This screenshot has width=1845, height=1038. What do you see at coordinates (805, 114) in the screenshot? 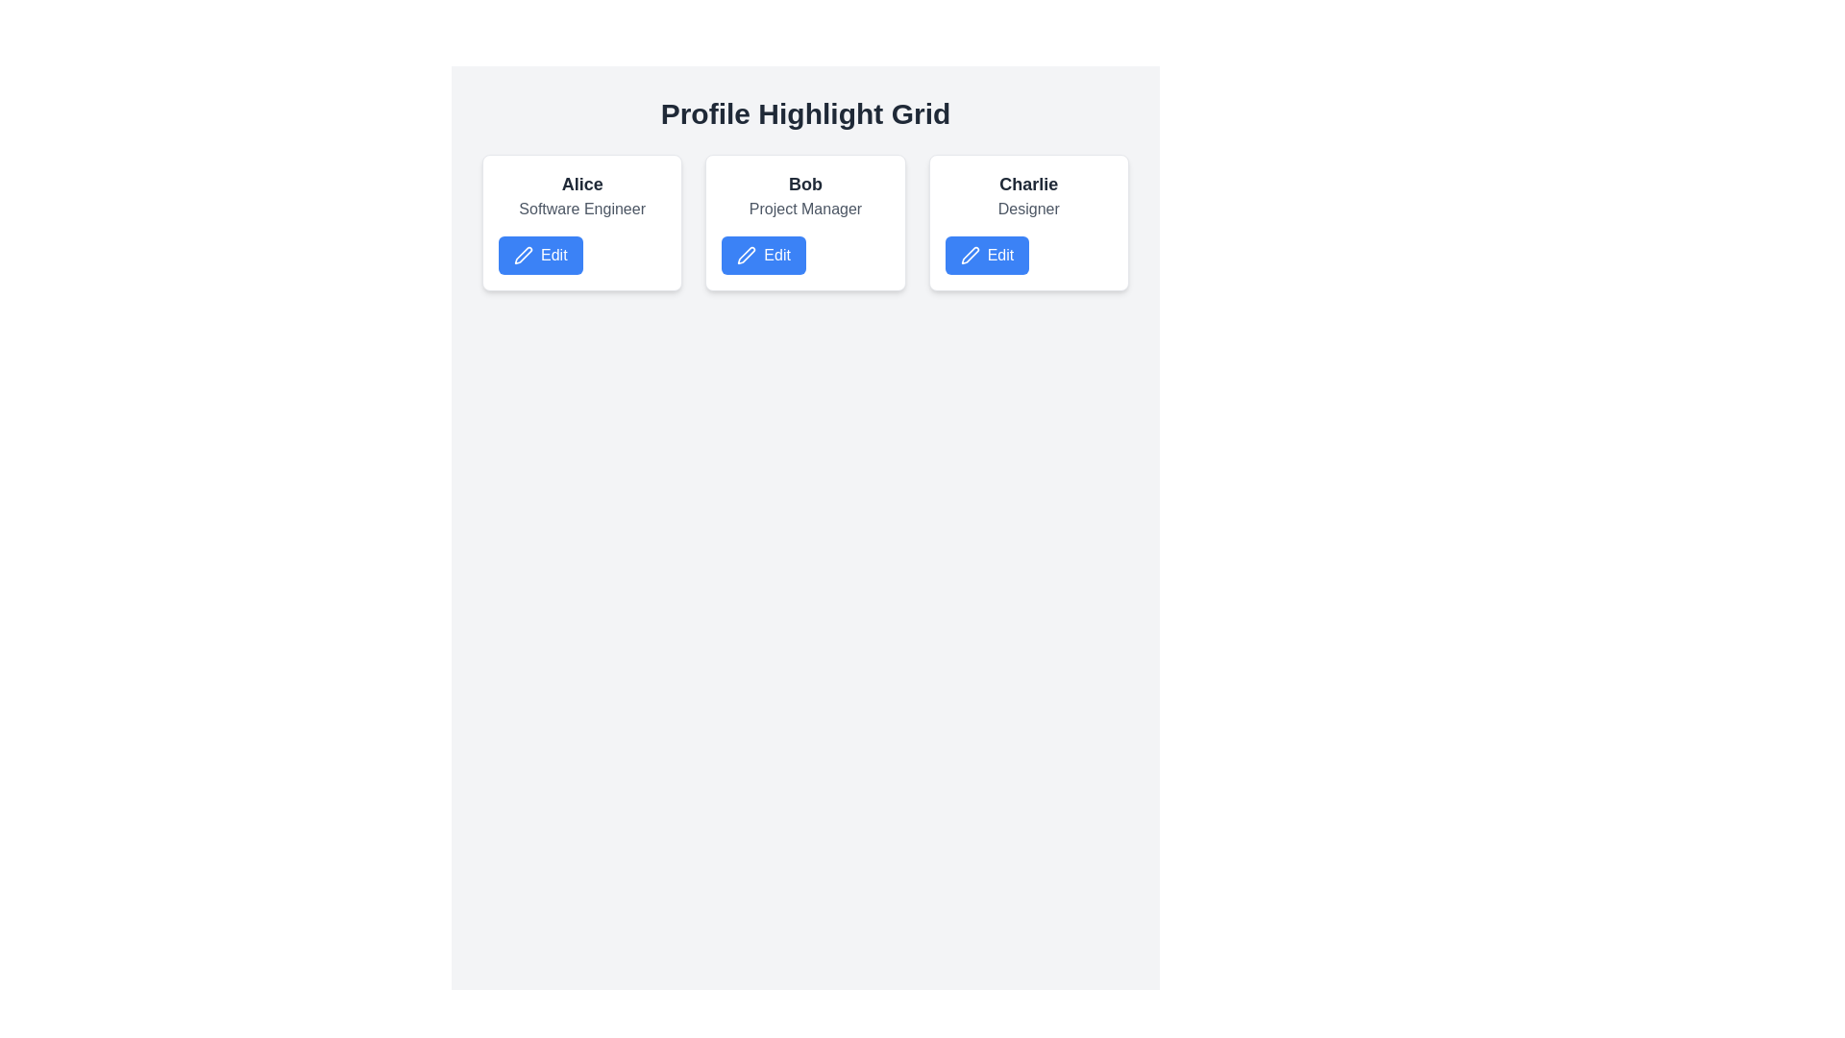
I see `the Text Header which identifies the content related to a profile highlight grid, located at the top section of the layout` at bounding box center [805, 114].